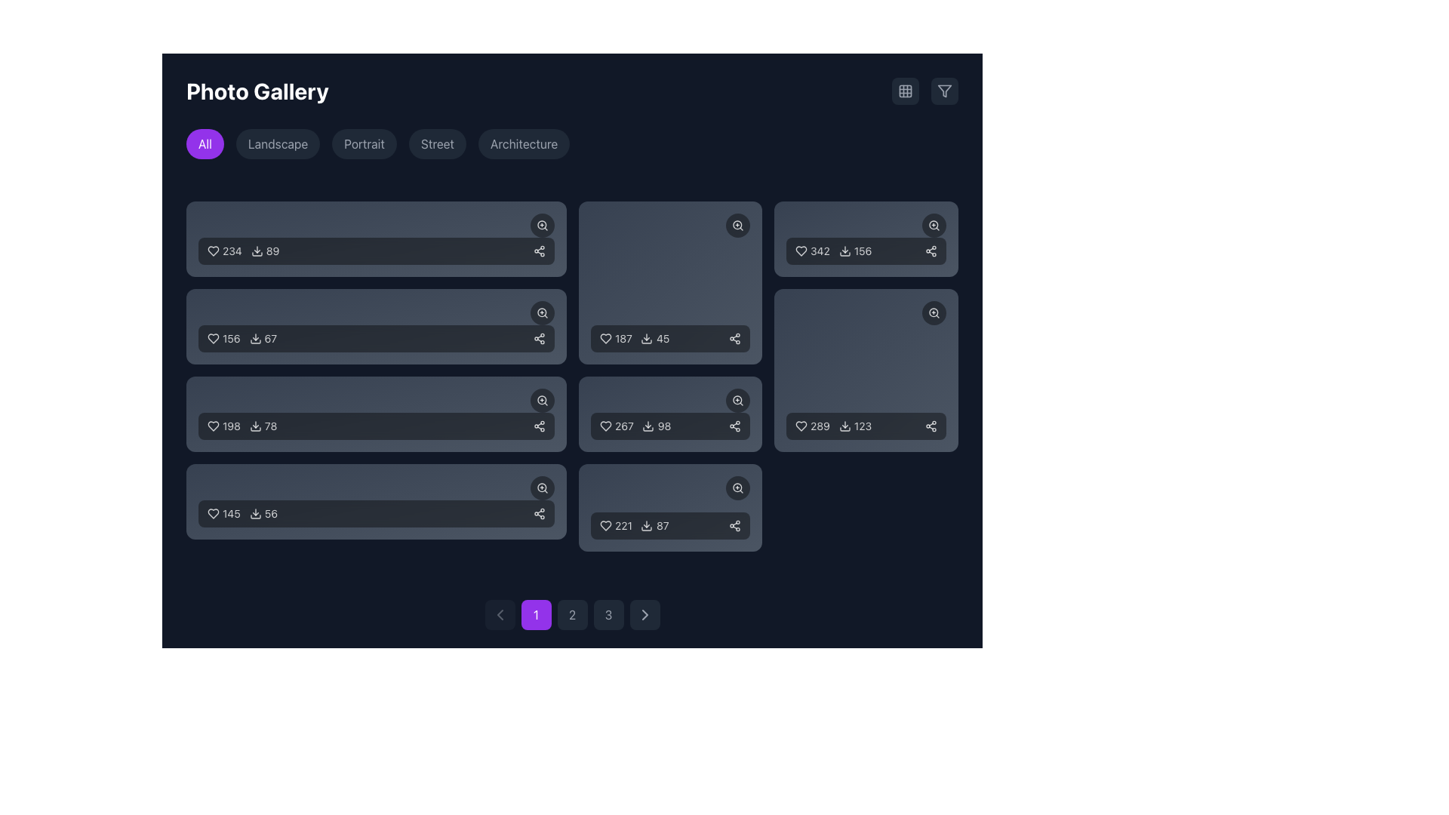  Describe the element at coordinates (213, 250) in the screenshot. I see `the heart-shaped icon located in the top-left corner of the grid layout` at that location.